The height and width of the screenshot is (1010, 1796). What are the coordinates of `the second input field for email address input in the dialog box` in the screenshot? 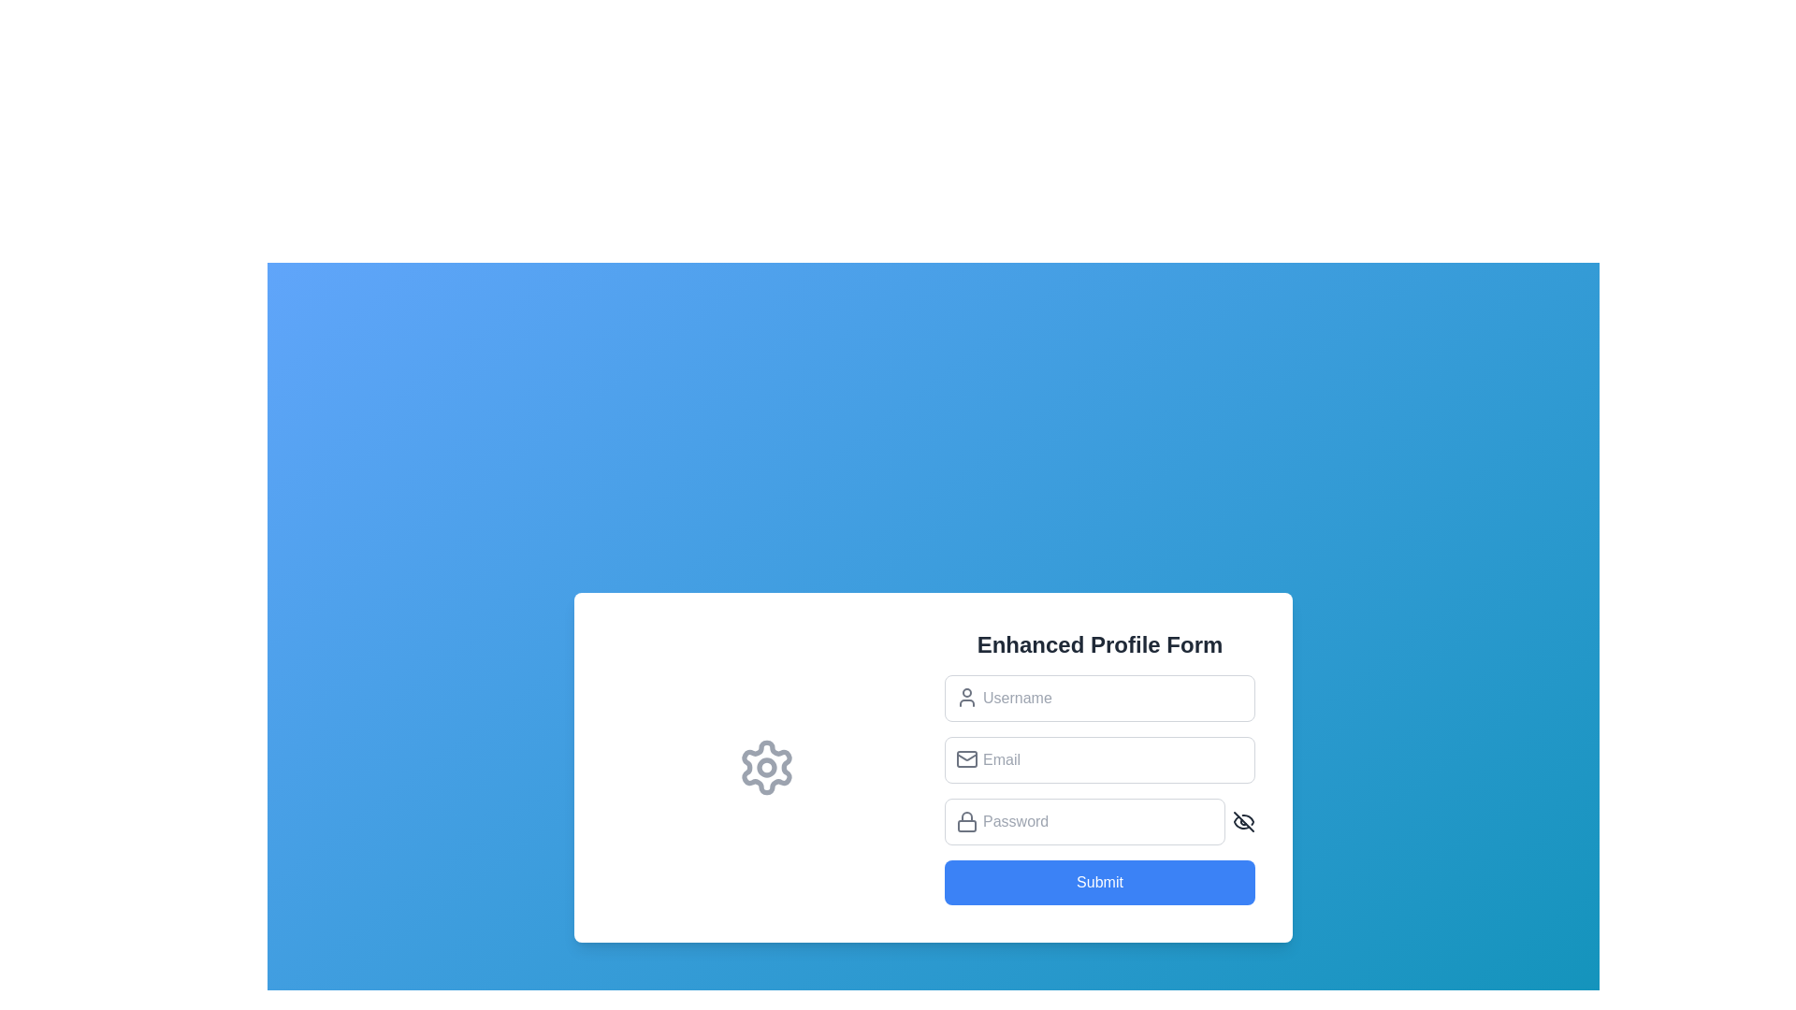 It's located at (1100, 760).